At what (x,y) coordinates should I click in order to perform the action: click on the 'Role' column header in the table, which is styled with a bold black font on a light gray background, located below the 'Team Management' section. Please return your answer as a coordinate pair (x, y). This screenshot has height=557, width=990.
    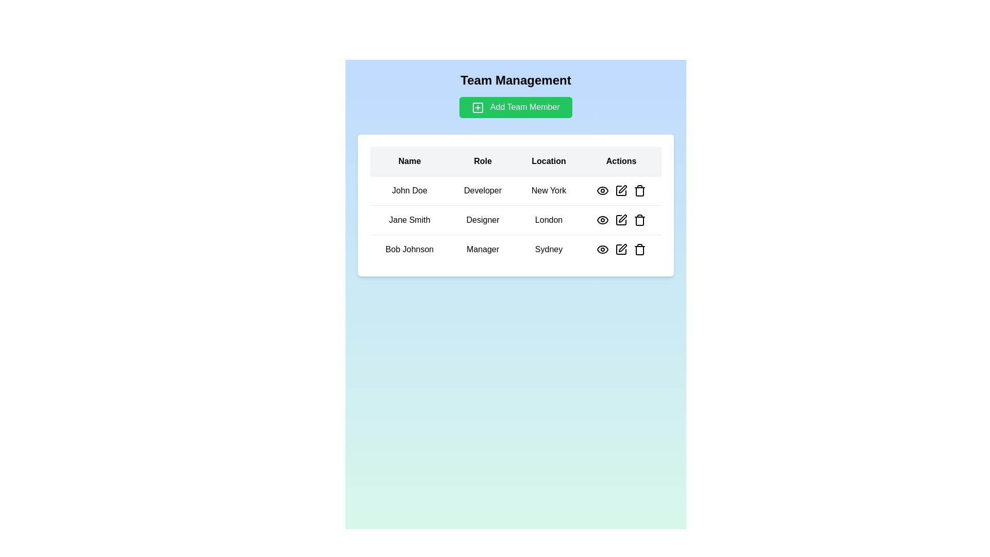
    Looking at the image, I should click on (482, 161).